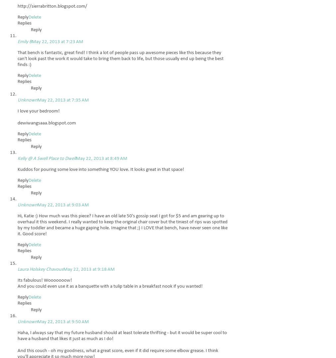 The width and height of the screenshot is (336, 358). What do you see at coordinates (37, 100) in the screenshot?
I see `'May 22, 2013 at 7:35 AM'` at bounding box center [37, 100].